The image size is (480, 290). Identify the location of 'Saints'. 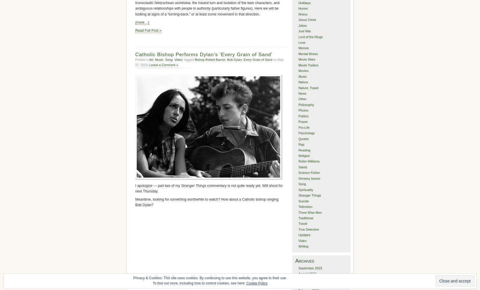
(298, 166).